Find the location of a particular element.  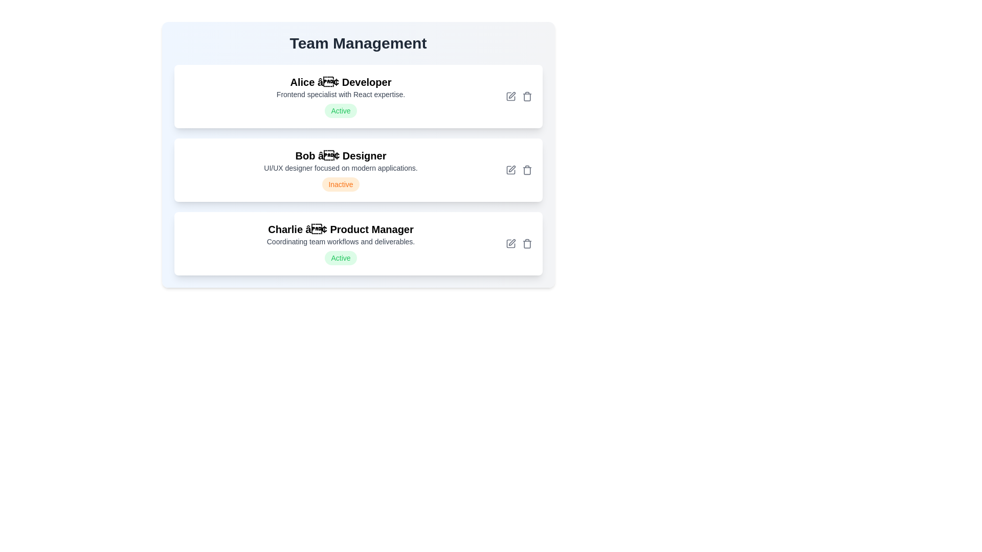

the delete button for the team member Charlie is located at coordinates (527, 244).